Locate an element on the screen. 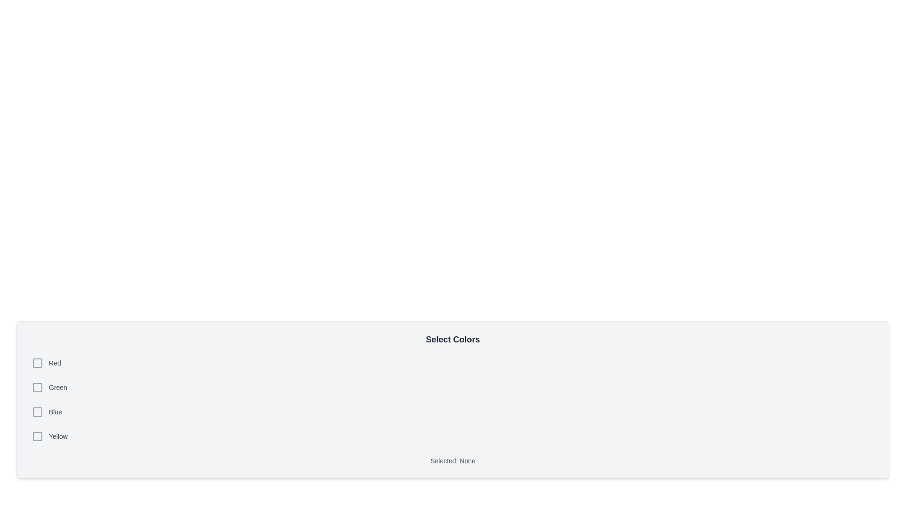 The height and width of the screenshot is (508, 903). the accessibility navigation for the checkbox indicator associated with the 'Yellow' option in the 'Select Colors' group is located at coordinates (38, 437).